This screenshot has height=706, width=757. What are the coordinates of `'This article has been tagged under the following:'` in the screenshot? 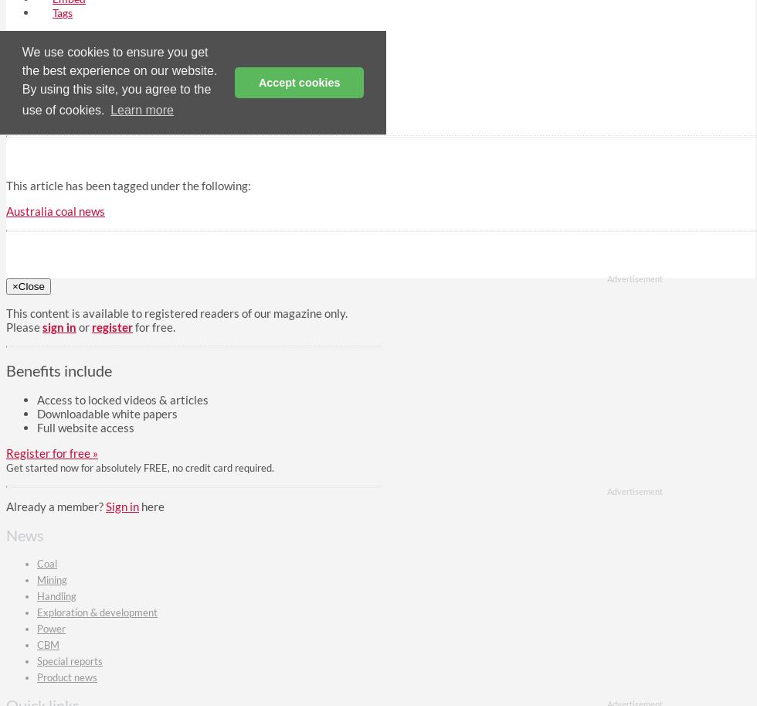 It's located at (128, 185).